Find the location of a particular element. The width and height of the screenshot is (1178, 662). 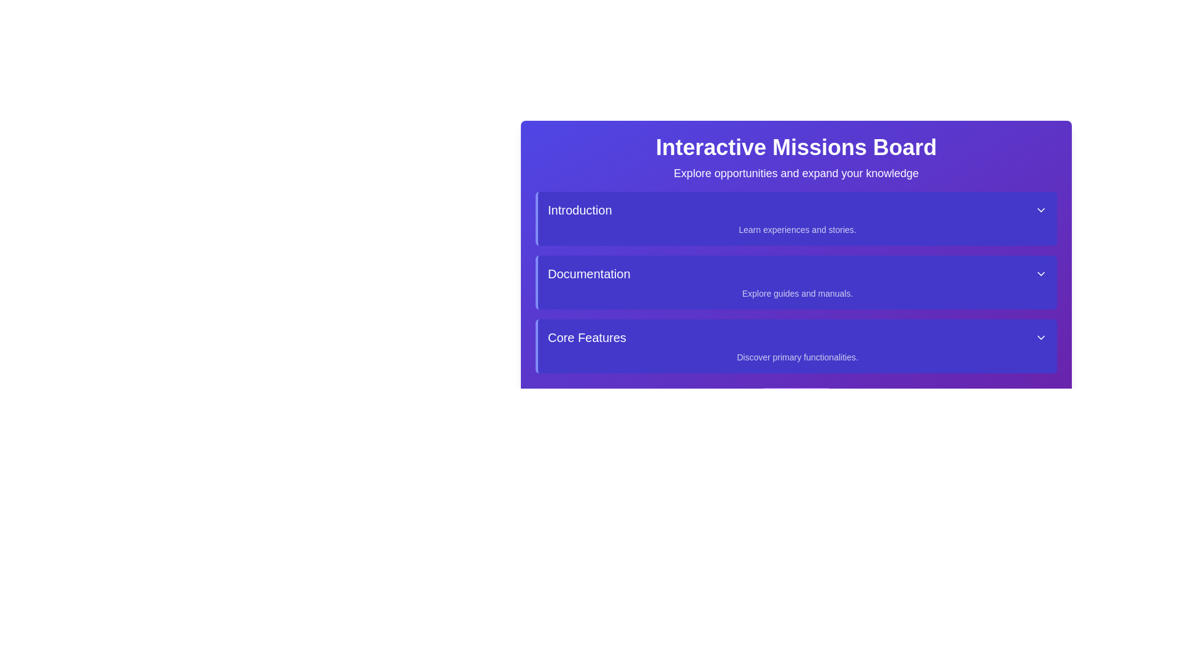

the text label displaying the word 'Introduction' with a medium font size and extra-large styling, located within a purple background box is located at coordinates (579, 210).